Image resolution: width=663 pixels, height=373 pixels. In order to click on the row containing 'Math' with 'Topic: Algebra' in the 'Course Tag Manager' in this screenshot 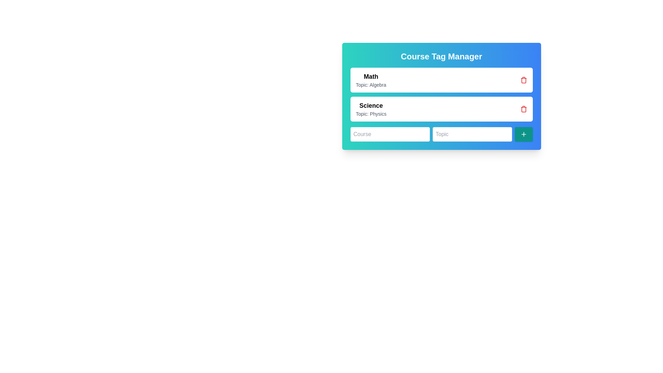, I will do `click(441, 94)`.